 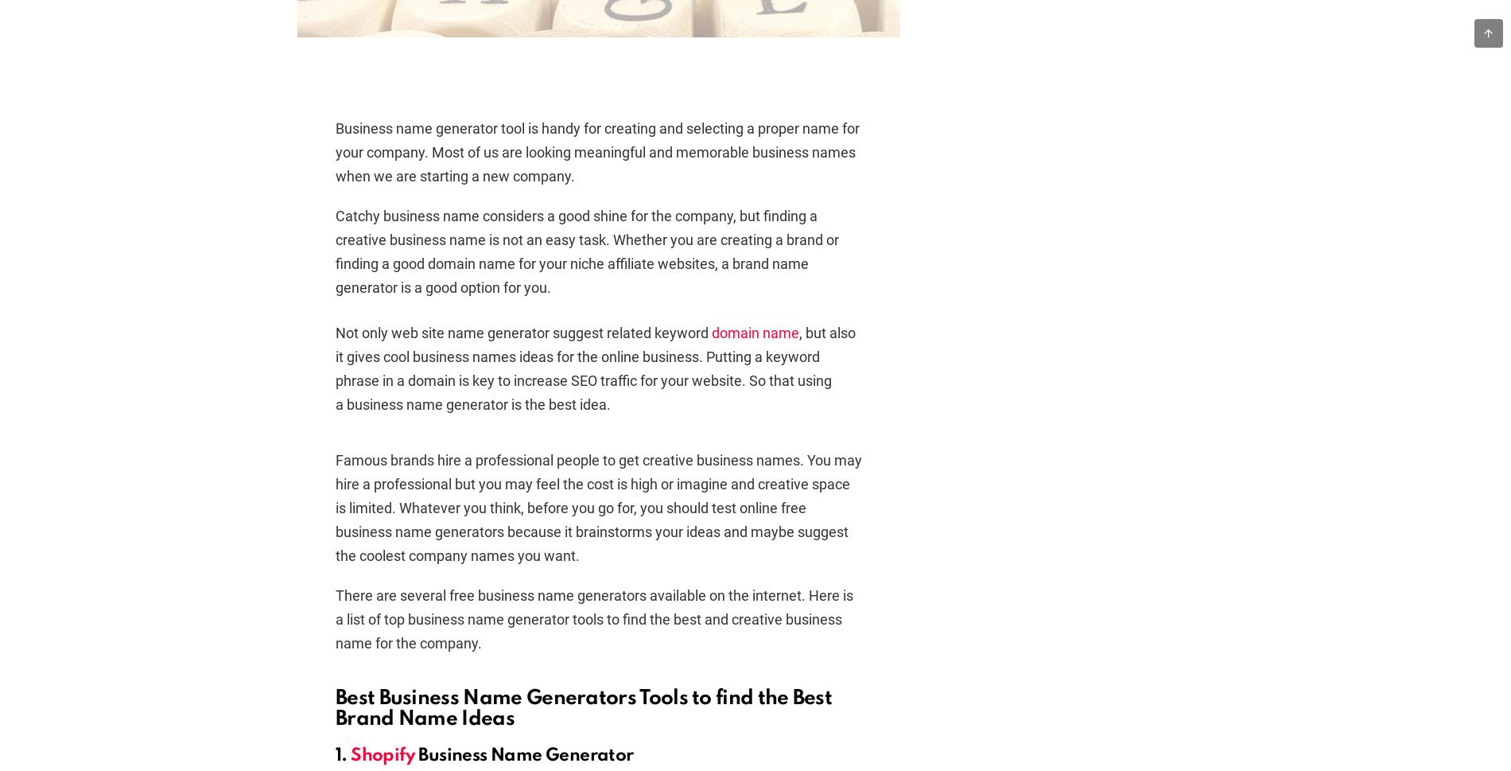 I want to click on 'Best Business Name Generators Tools to find the Best Brand Name Ideas', so click(x=582, y=708).